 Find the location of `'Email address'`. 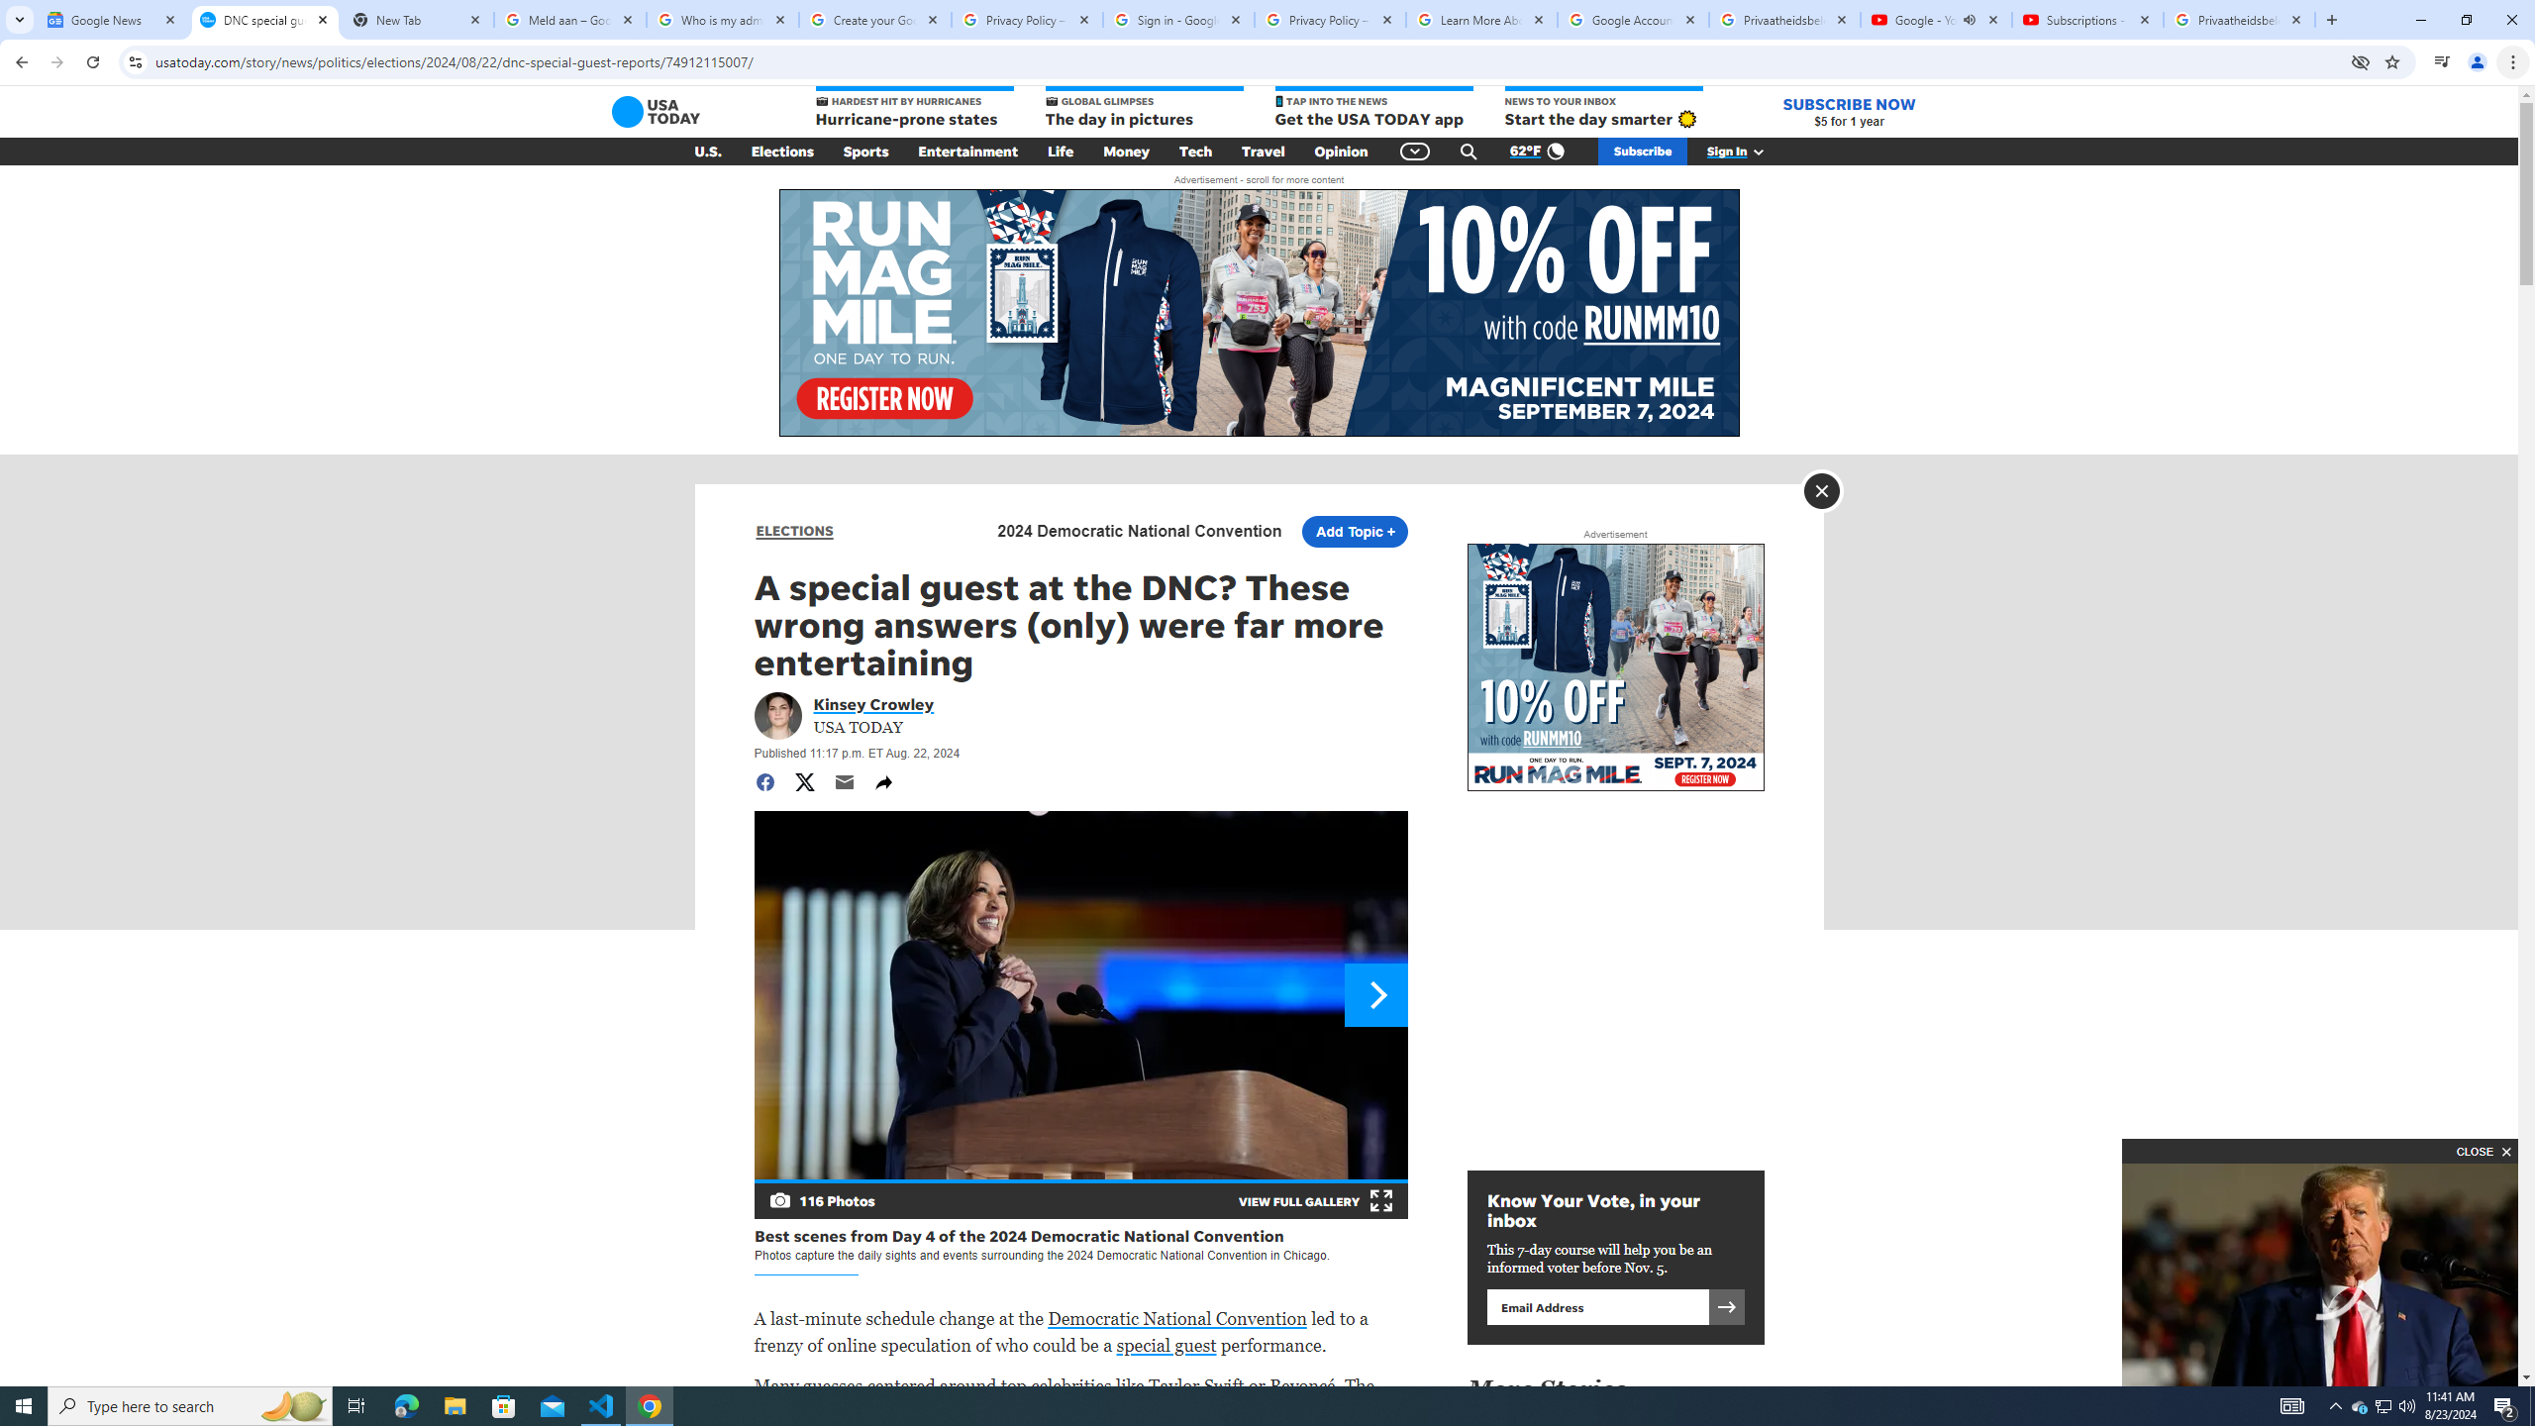

'Email address' is located at coordinates (1595, 1305).